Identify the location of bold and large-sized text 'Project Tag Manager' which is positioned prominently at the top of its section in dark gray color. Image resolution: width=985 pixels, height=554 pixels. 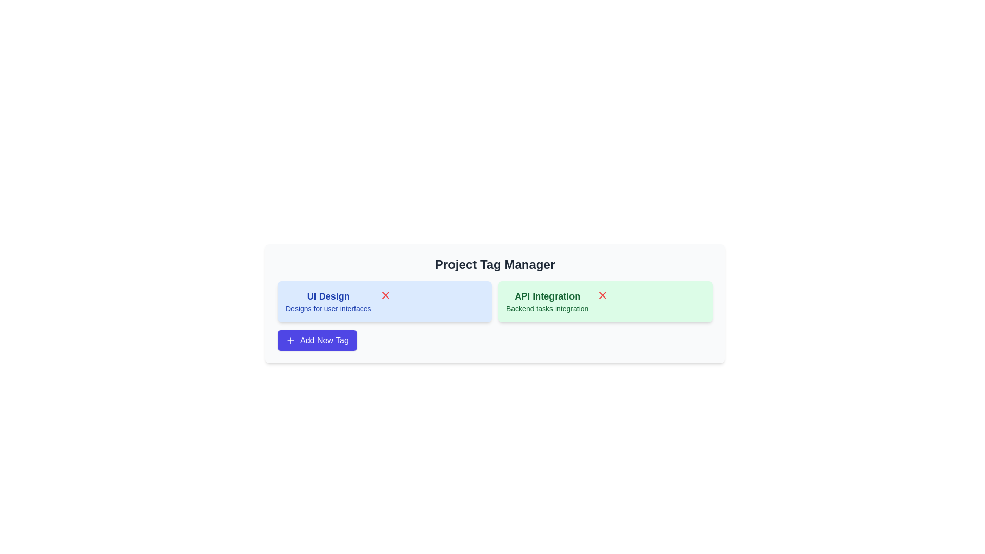
(495, 264).